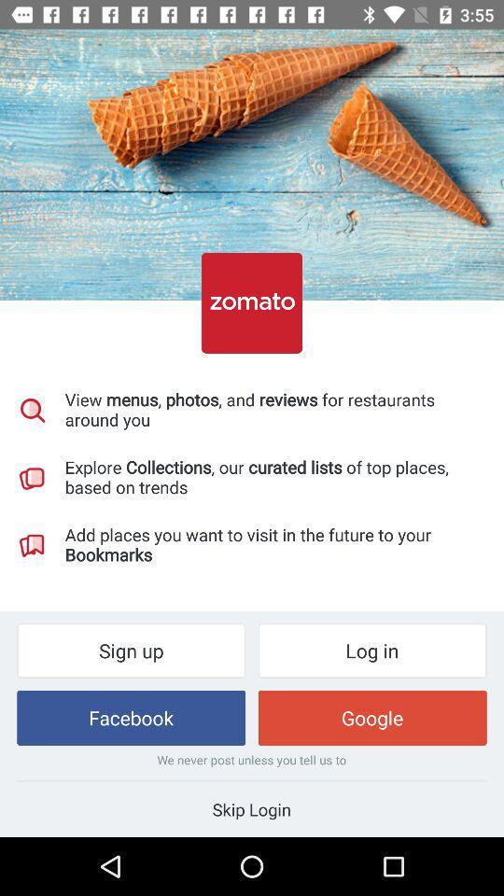 This screenshot has height=896, width=504. Describe the element at coordinates (130, 717) in the screenshot. I see `icon next to the google item` at that location.